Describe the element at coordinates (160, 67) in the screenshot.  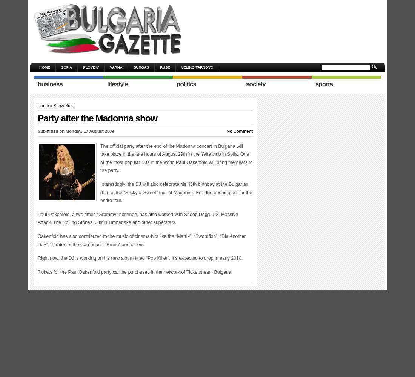
I see `'Ruse'` at that location.